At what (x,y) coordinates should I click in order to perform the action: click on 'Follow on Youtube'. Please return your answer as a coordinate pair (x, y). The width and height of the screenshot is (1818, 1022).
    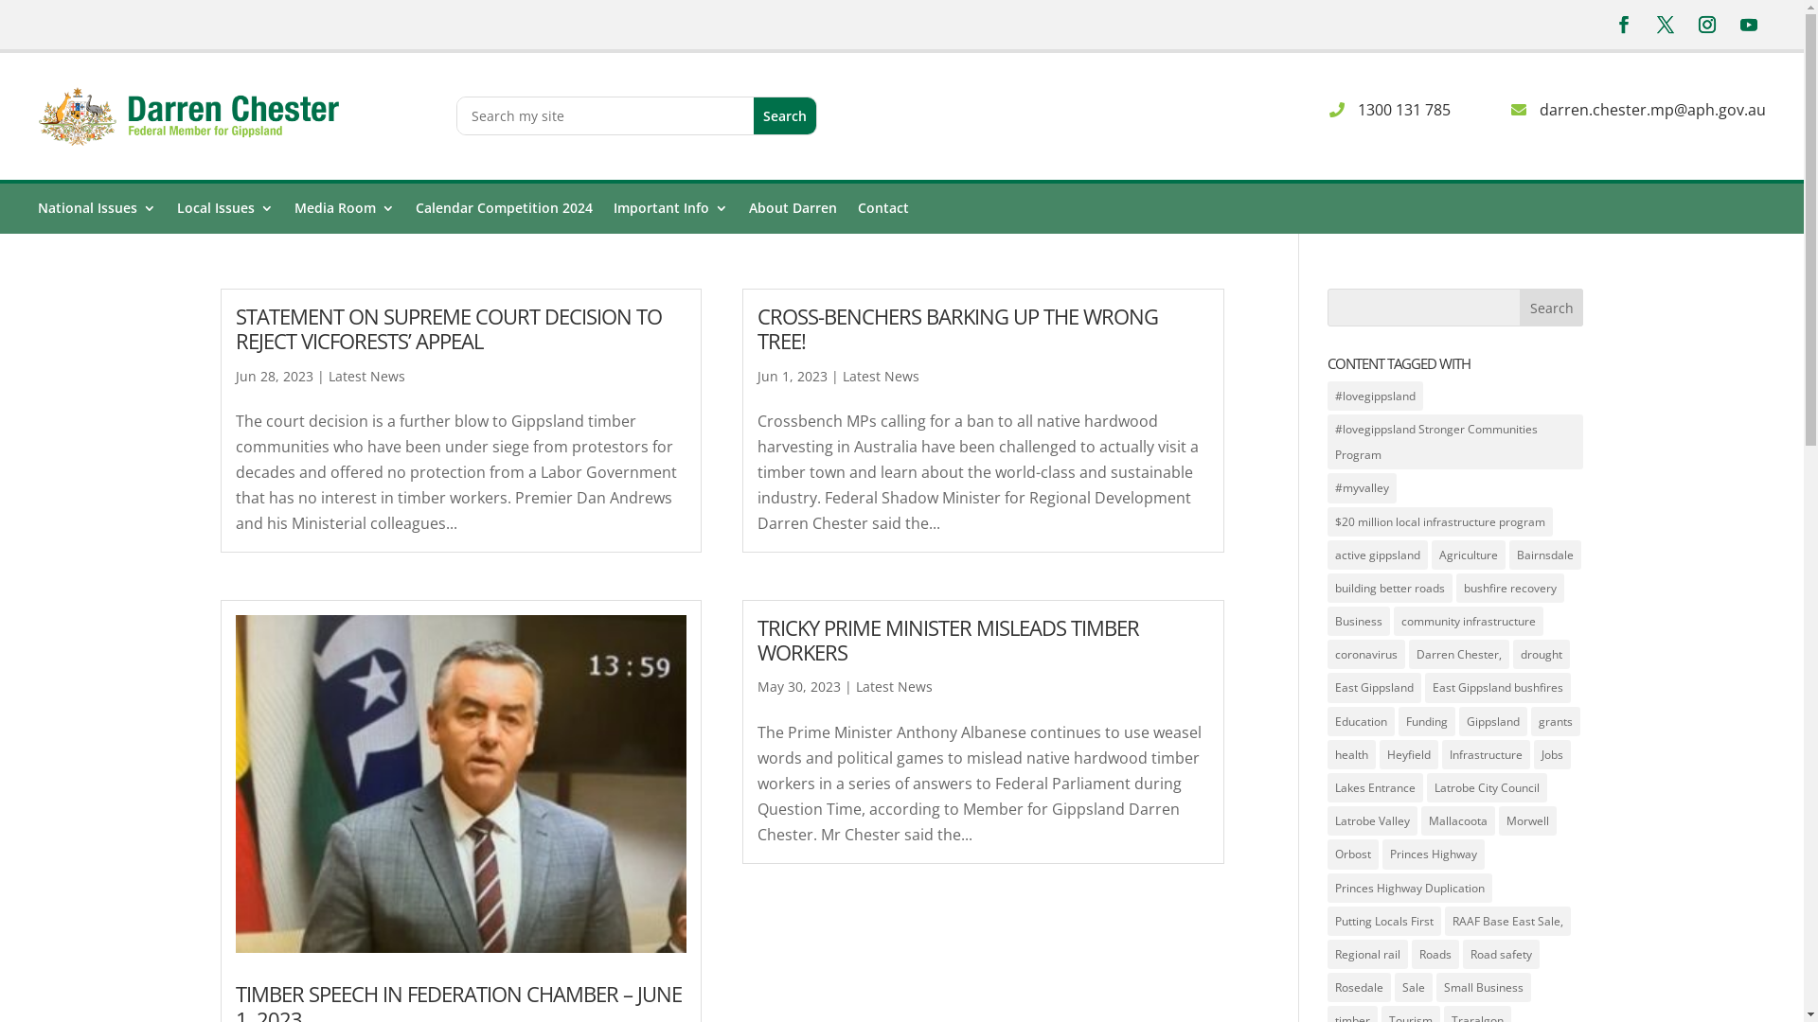
    Looking at the image, I should click on (1731, 25).